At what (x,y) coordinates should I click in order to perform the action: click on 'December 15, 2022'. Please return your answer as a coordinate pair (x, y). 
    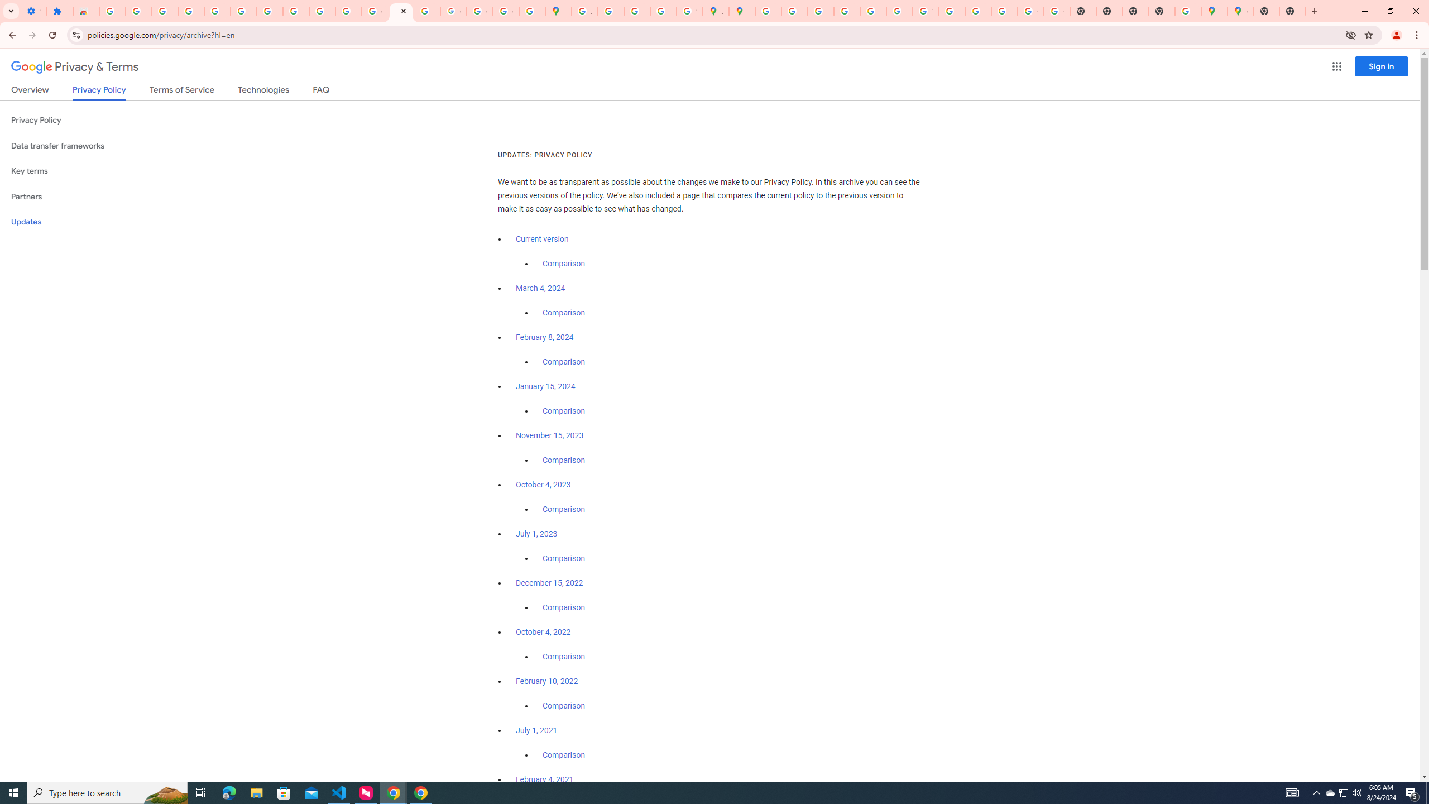
    Looking at the image, I should click on (549, 582).